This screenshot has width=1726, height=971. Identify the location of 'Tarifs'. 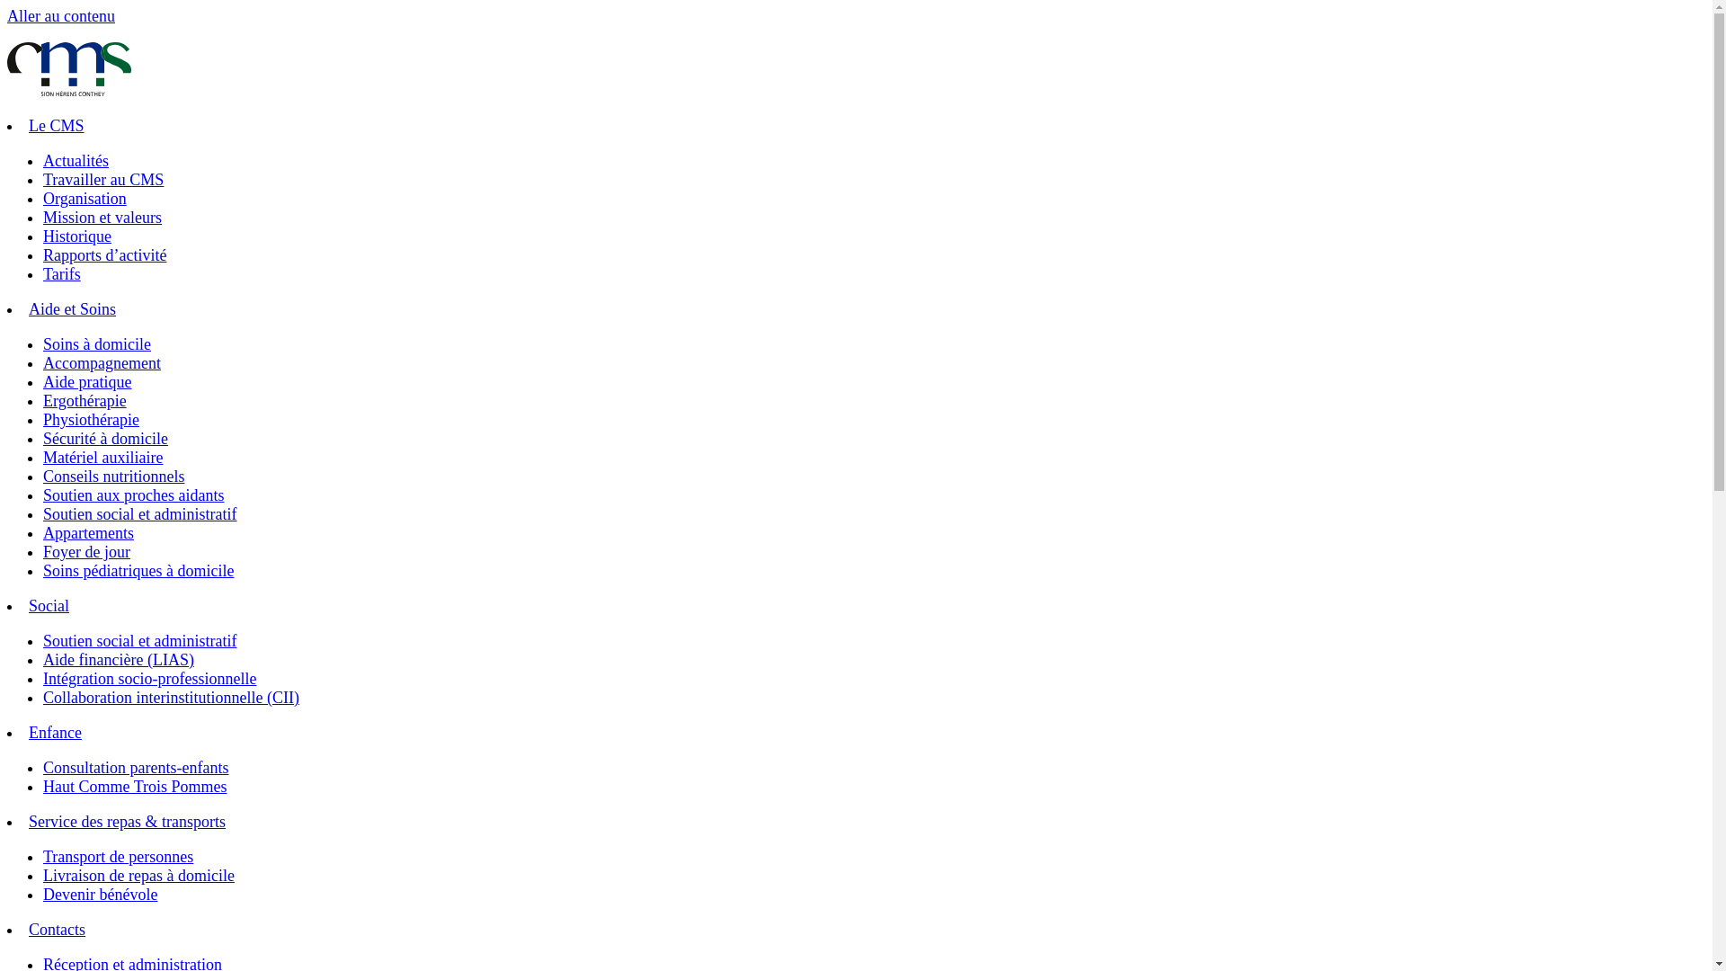
(61, 273).